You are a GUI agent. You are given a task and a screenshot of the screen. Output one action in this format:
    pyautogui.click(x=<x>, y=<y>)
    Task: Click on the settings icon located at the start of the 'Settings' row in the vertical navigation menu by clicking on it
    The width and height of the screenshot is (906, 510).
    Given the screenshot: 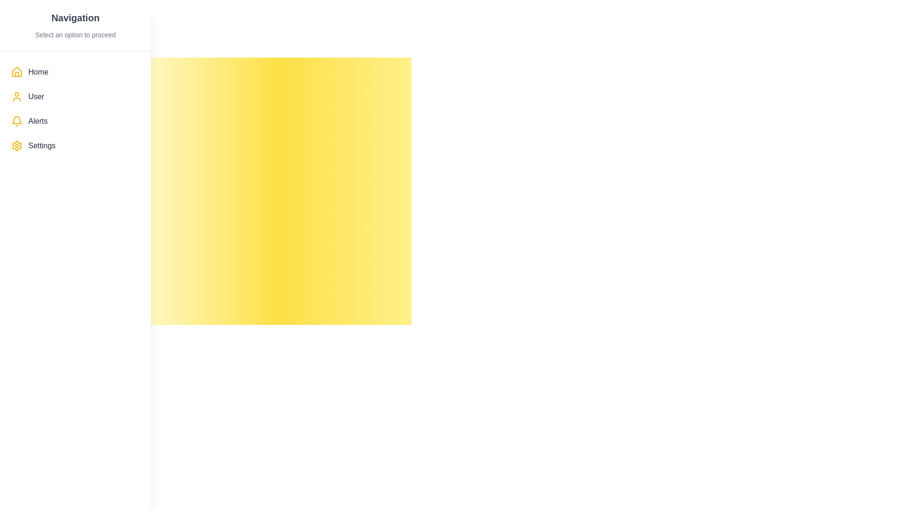 What is the action you would take?
    pyautogui.click(x=17, y=145)
    